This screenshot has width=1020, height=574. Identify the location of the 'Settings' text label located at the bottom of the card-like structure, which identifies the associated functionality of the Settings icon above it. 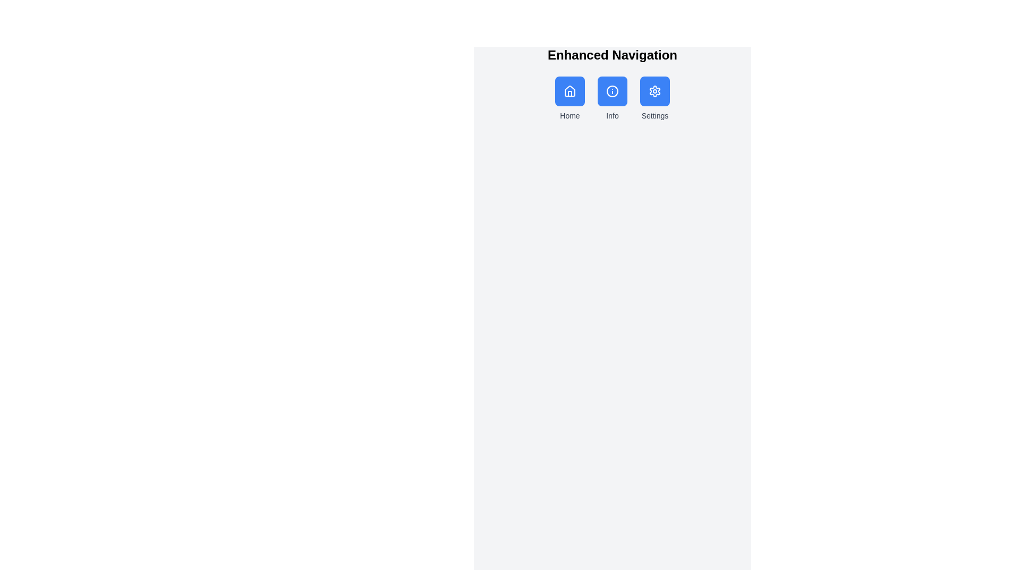
(654, 116).